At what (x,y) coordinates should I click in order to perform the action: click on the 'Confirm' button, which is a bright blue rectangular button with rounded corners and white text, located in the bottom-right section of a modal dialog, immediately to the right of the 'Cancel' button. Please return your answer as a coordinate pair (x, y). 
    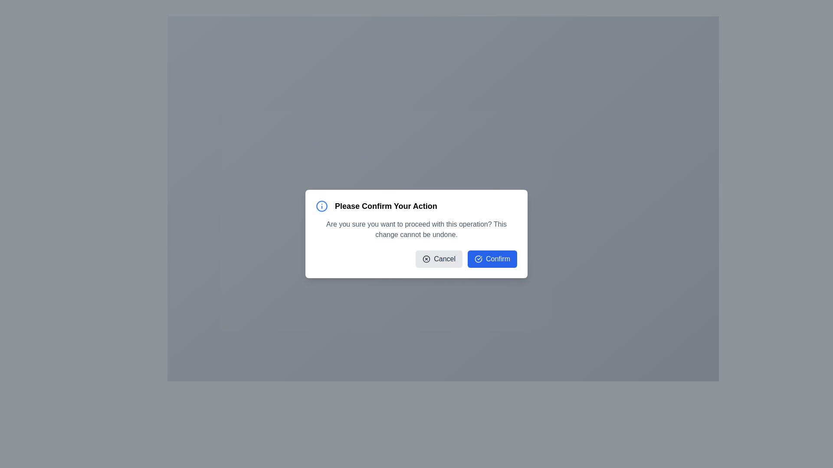
    Looking at the image, I should click on (492, 258).